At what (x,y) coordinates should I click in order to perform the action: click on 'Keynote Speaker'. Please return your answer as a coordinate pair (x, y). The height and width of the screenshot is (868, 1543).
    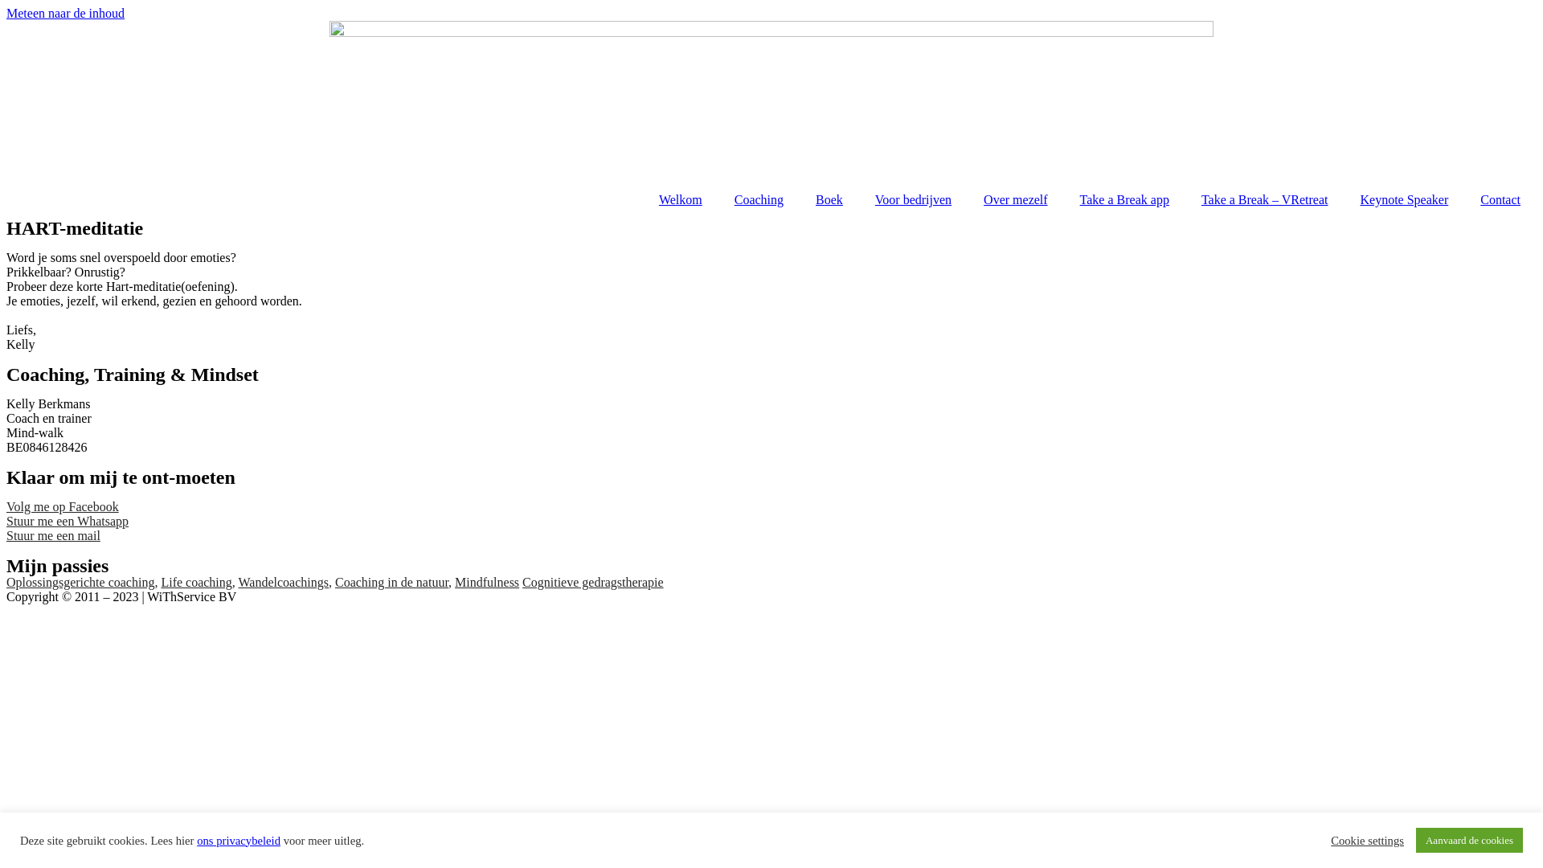
    Looking at the image, I should click on (1403, 199).